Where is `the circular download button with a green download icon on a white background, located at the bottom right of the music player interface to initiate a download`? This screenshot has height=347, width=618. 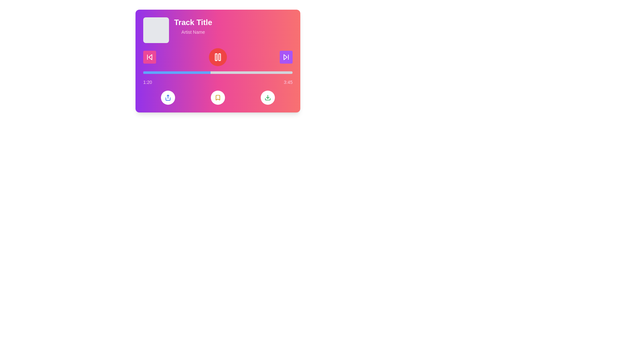 the circular download button with a green download icon on a white background, located at the bottom right of the music player interface to initiate a download is located at coordinates (267, 98).